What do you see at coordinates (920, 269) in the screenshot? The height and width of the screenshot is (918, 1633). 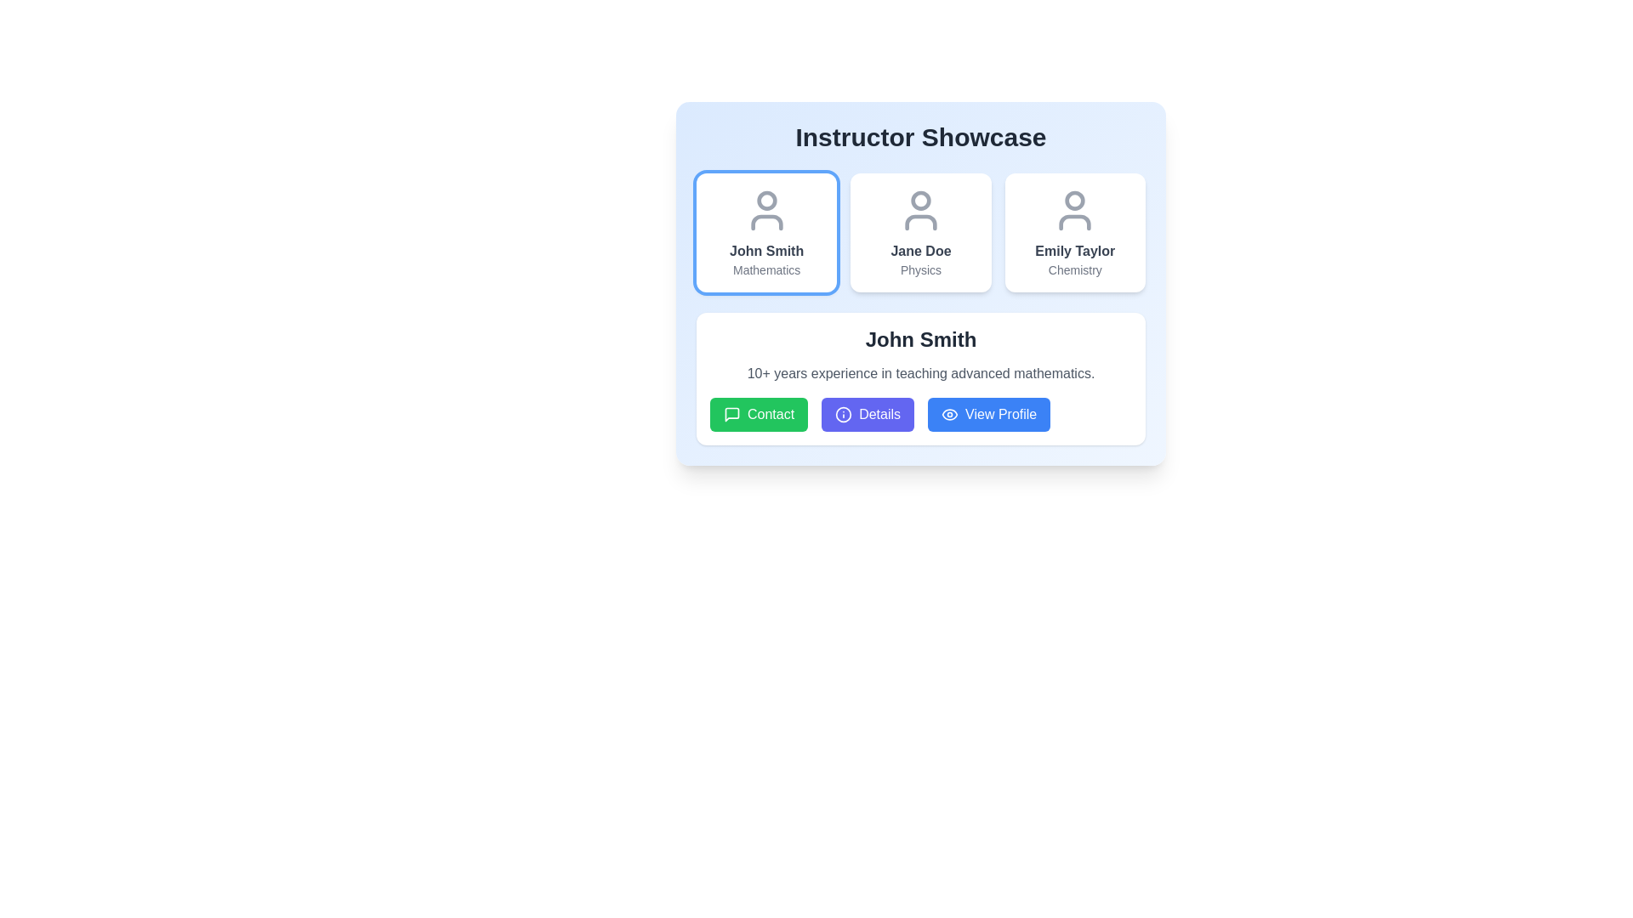 I see `the text label displaying the word 'Physics' in light gray color, located below the name 'Jane Doe' within the card in the 'Instructor Showcase'` at bounding box center [920, 269].